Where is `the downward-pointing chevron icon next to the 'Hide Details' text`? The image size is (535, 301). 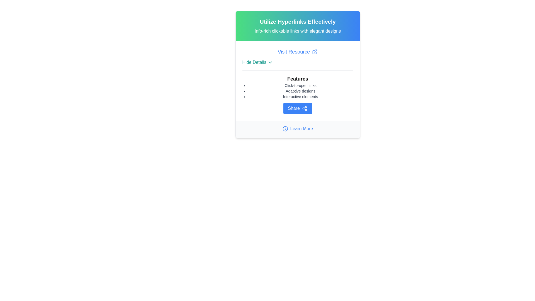 the downward-pointing chevron icon next to the 'Hide Details' text is located at coordinates (270, 62).